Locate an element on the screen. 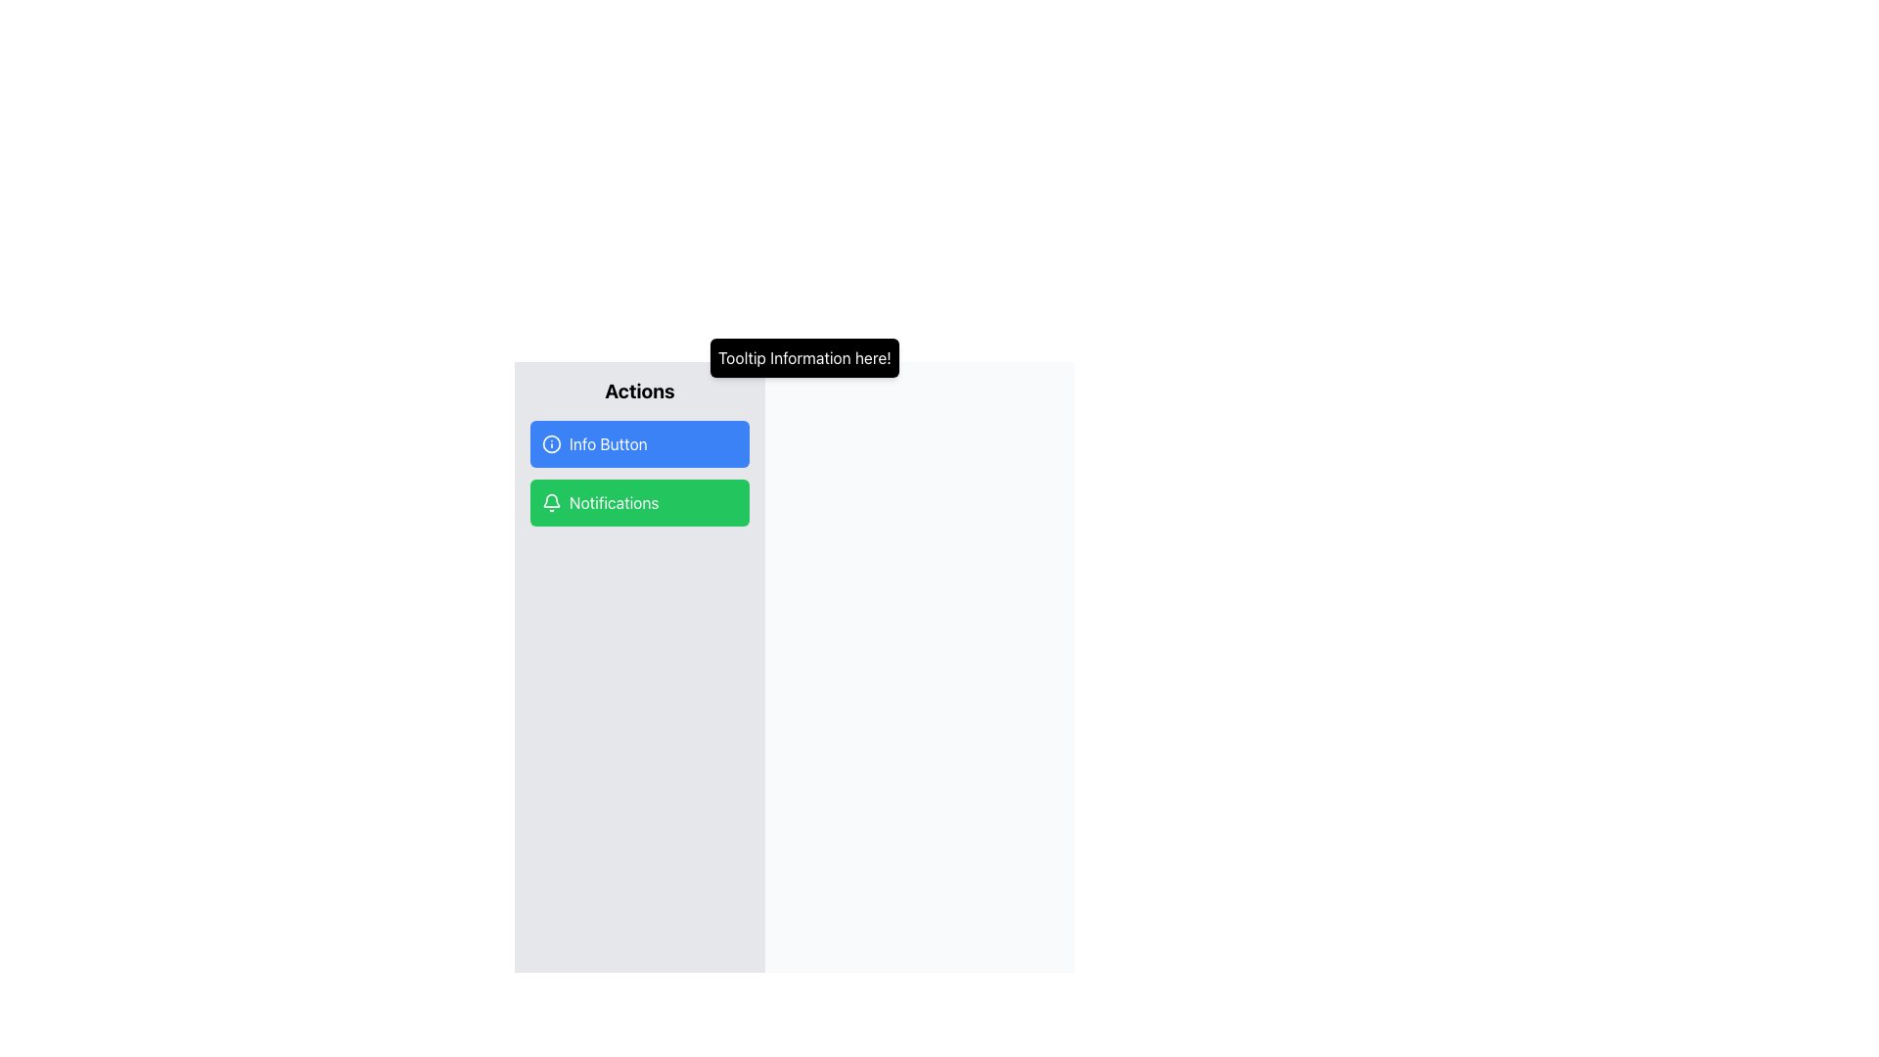  text from the header label positioned above the 'Info Button' and 'Notifications' elements is located at coordinates (639, 391).